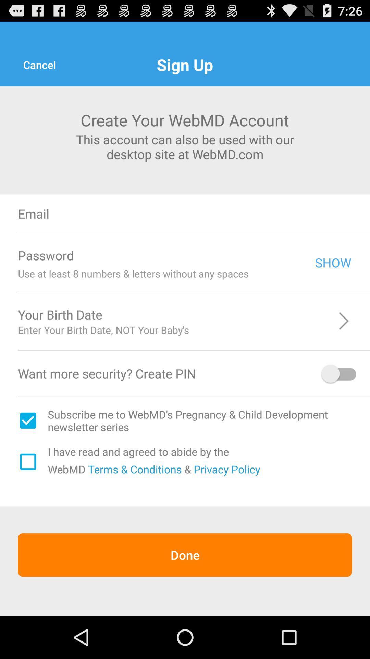 This screenshot has width=370, height=659. What do you see at coordinates (198, 255) in the screenshot?
I see `icon to the right of the password icon` at bounding box center [198, 255].